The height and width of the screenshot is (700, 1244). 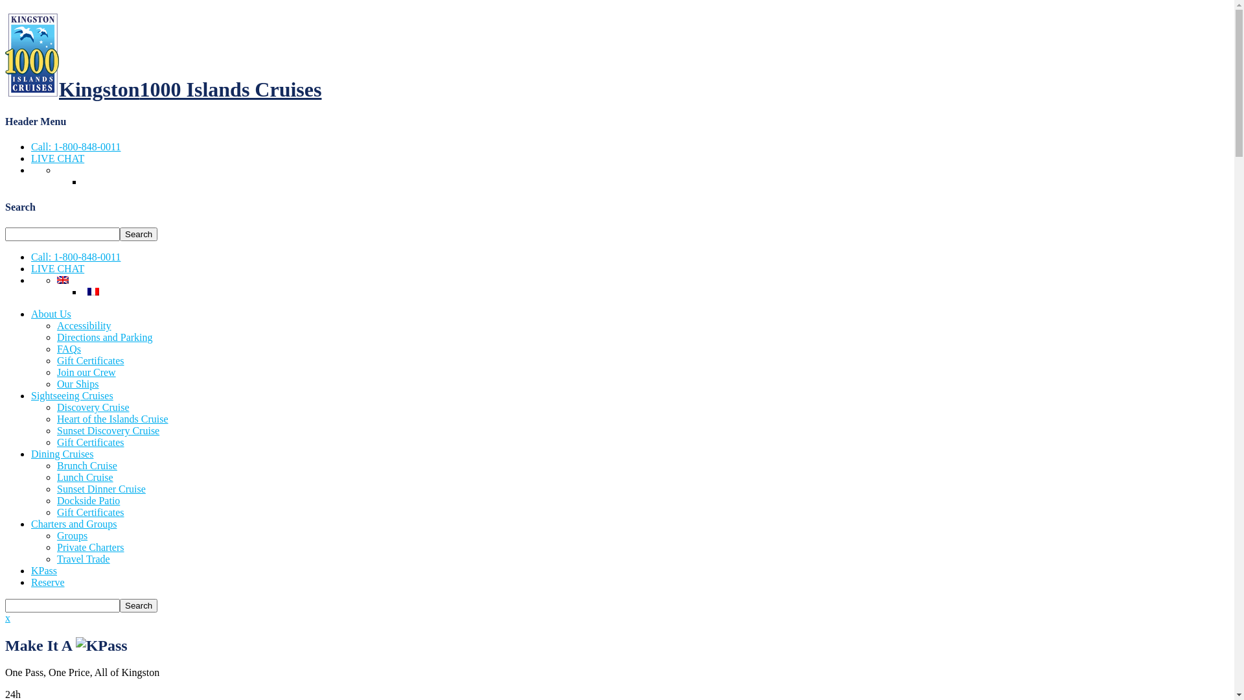 I want to click on 'Search', so click(x=139, y=234).